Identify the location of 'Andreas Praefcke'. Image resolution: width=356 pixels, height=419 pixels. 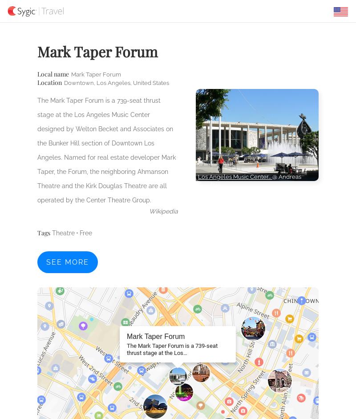
(249, 181).